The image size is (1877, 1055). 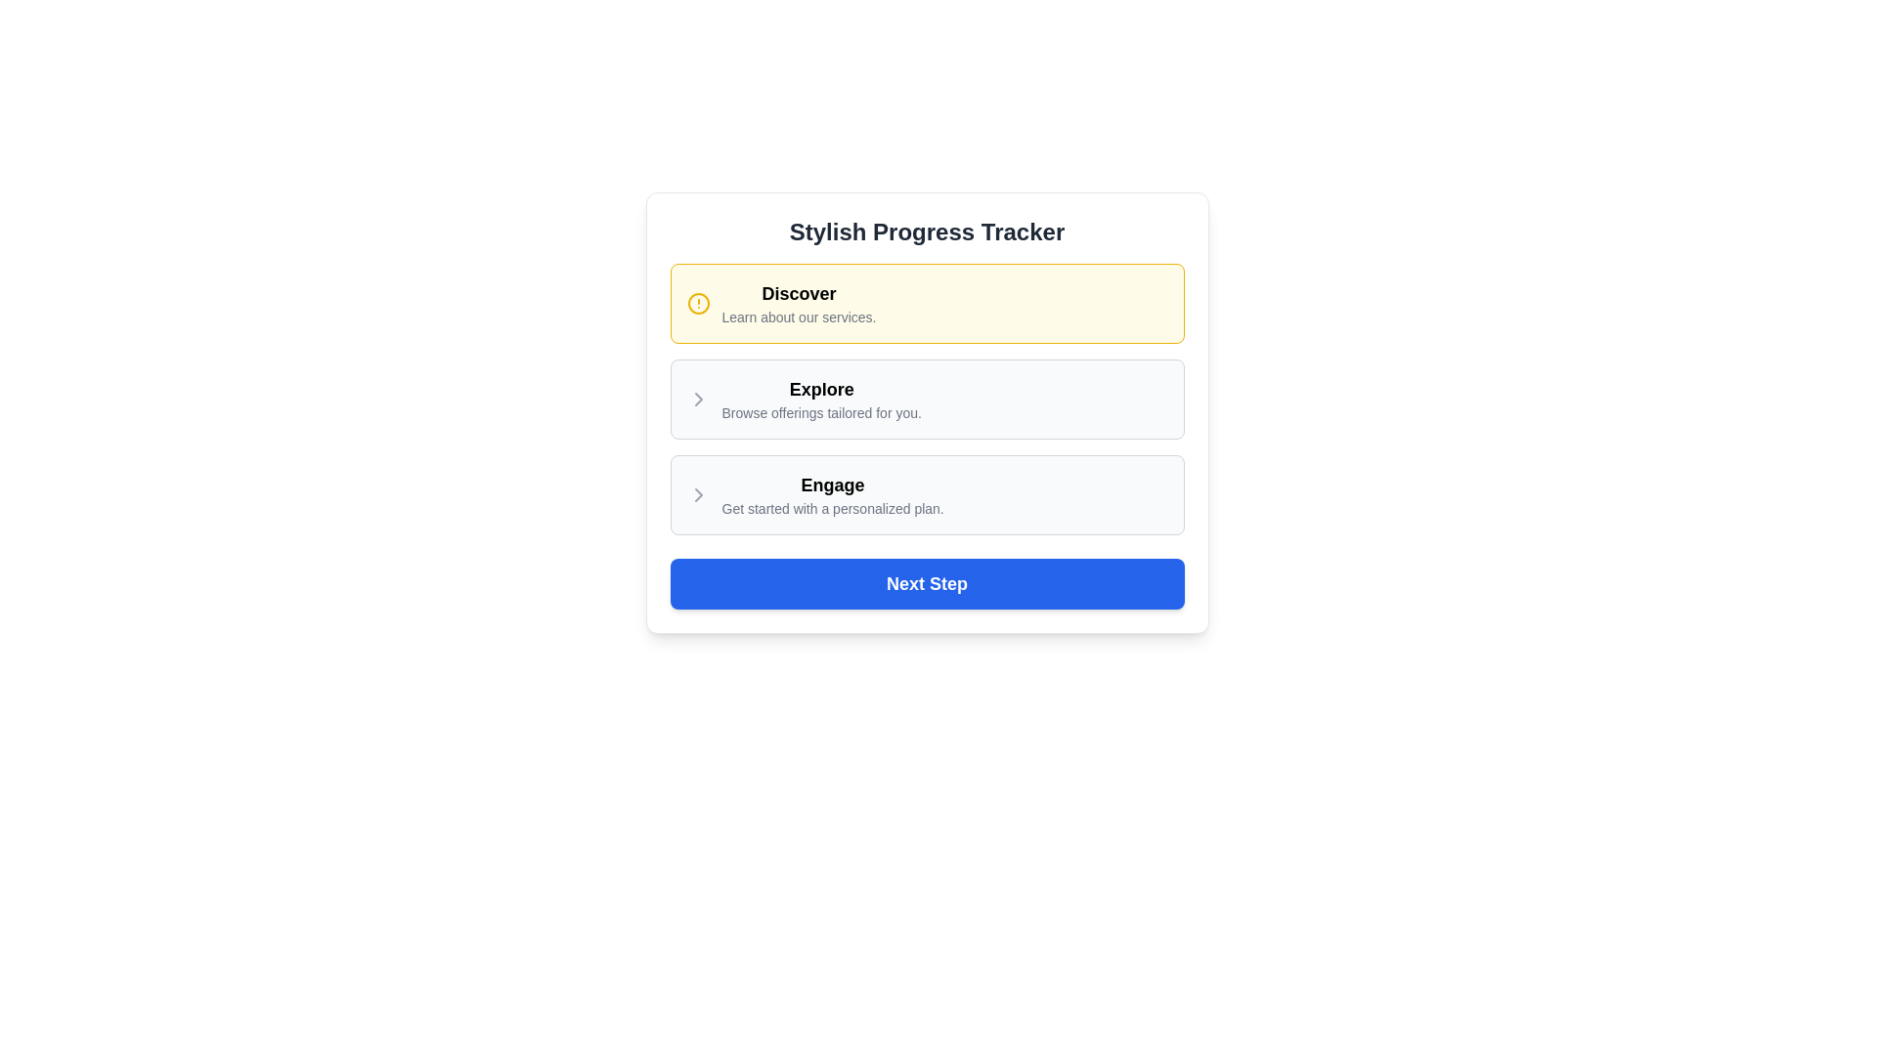 What do you see at coordinates (698, 398) in the screenshot?
I see `the chevron-shaped icon pointing to the right, which is associated with the third item labeled 'Engage' in the 'Stylish Progress Tracker' panel` at bounding box center [698, 398].